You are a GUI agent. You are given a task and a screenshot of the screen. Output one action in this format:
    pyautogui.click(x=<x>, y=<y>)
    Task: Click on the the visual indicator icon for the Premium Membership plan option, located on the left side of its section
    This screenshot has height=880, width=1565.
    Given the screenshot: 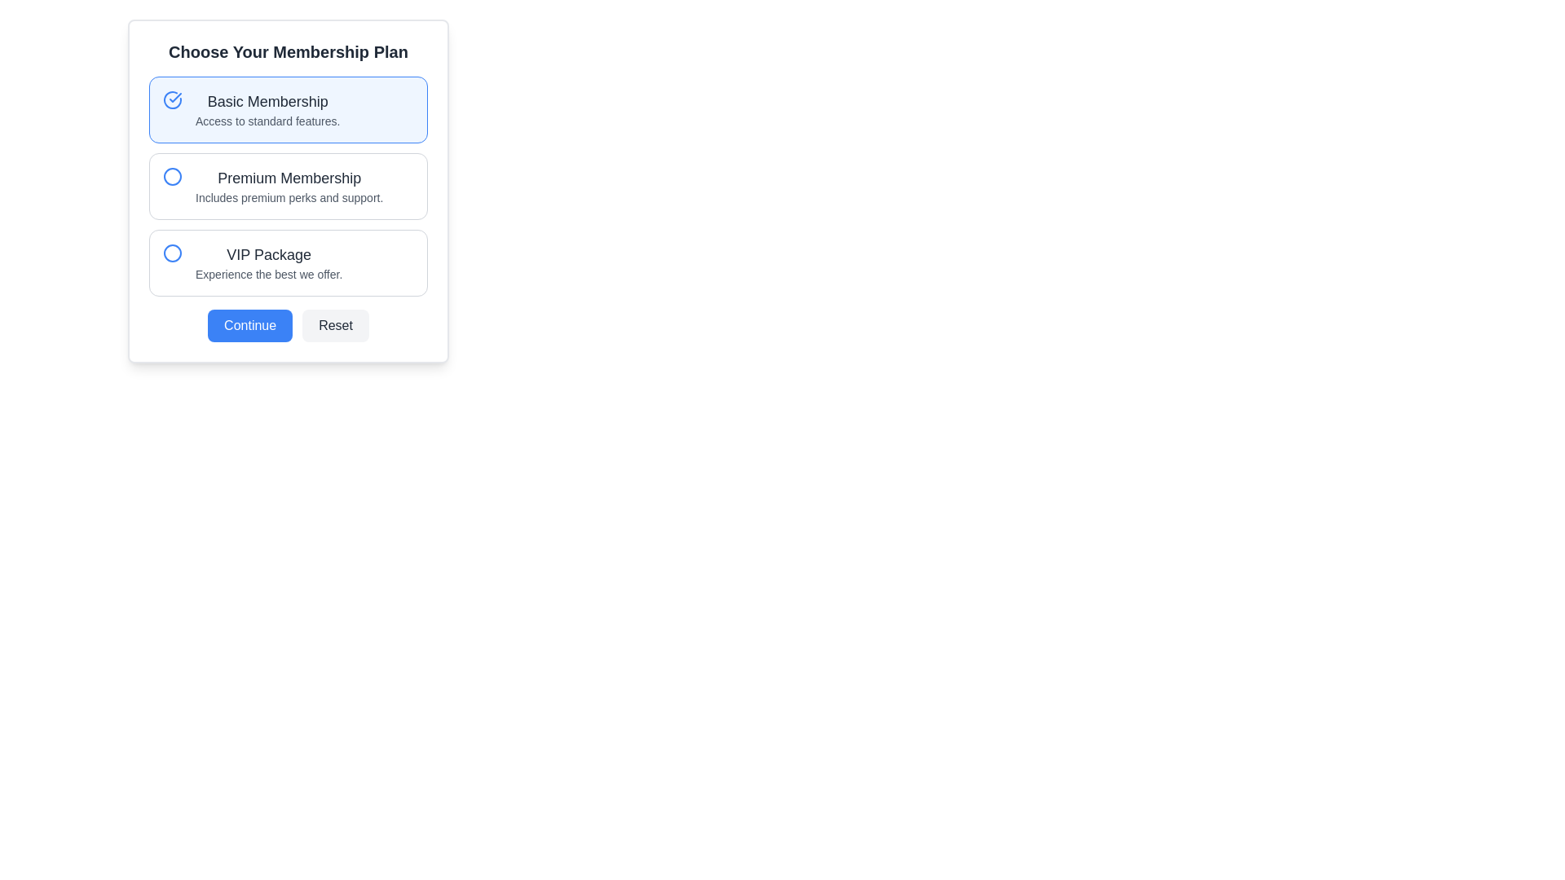 What is the action you would take?
    pyautogui.click(x=172, y=176)
    